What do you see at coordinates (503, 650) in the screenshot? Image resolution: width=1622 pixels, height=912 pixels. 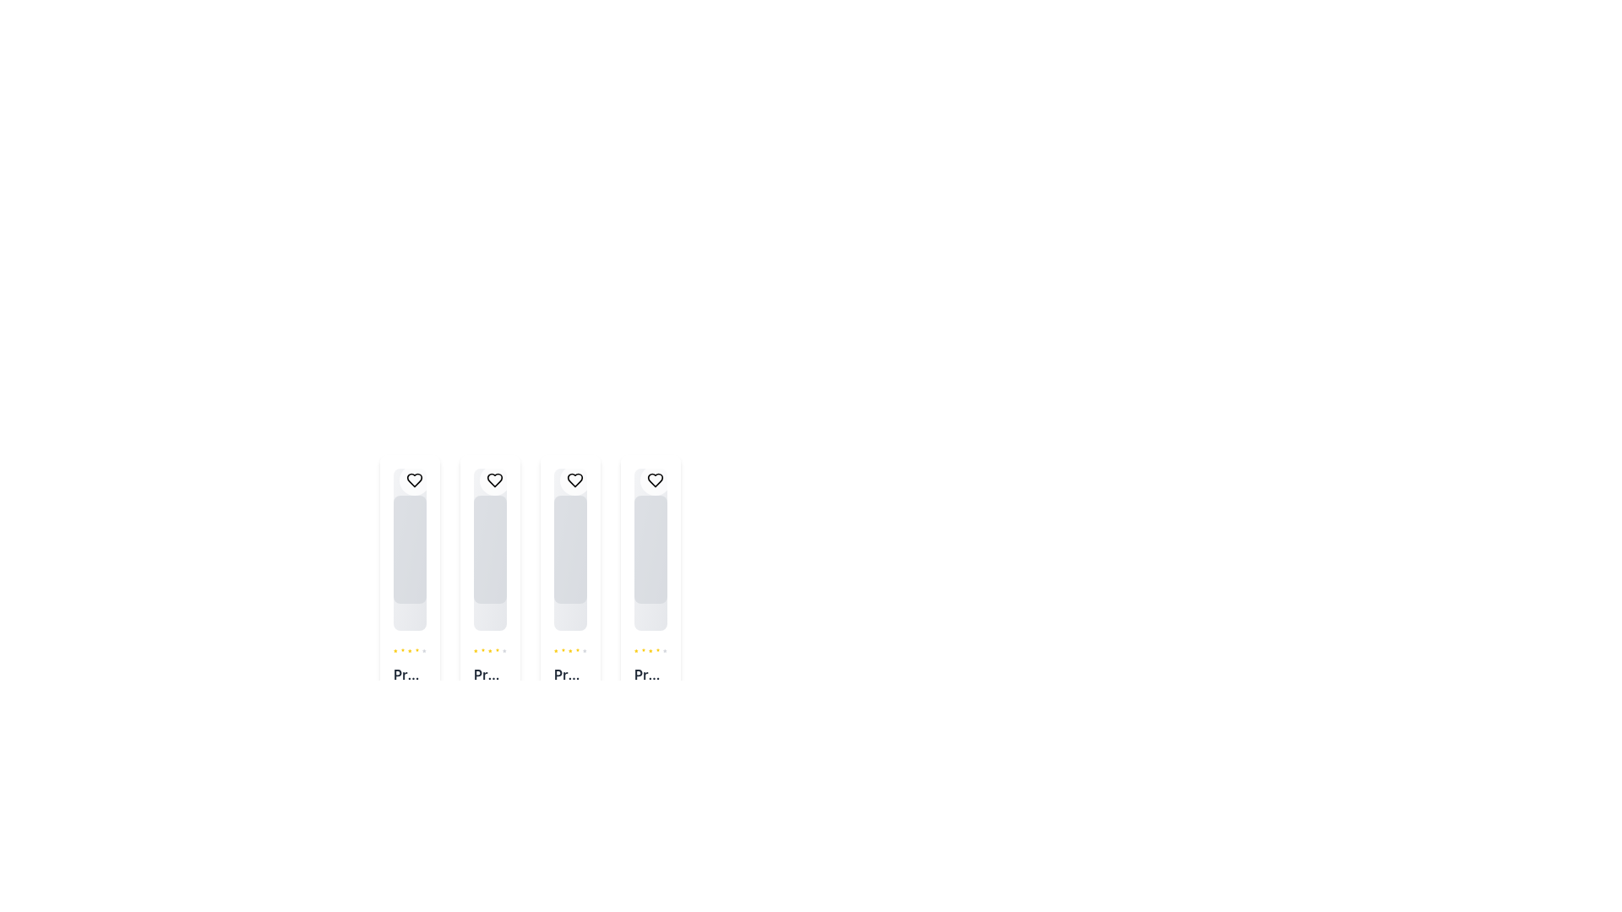 I see `the visual state of the fifth star icon in the rating system, which represents a non-selected star position` at bounding box center [503, 650].